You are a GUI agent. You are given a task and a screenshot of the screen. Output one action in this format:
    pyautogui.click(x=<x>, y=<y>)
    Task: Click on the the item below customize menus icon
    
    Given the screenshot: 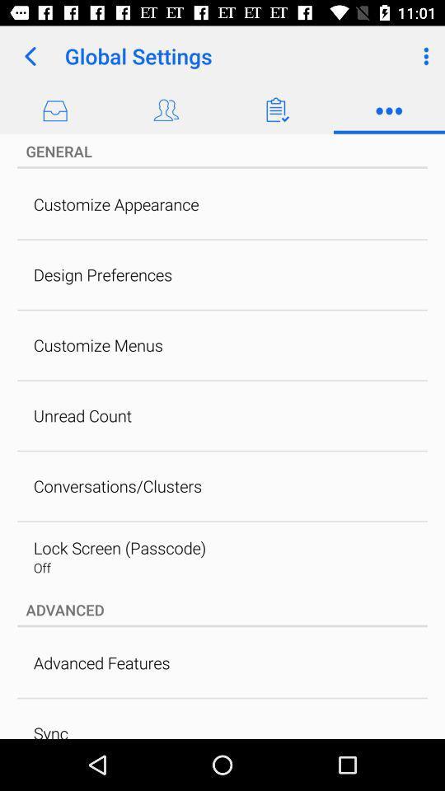 What is the action you would take?
    pyautogui.click(x=82, y=414)
    